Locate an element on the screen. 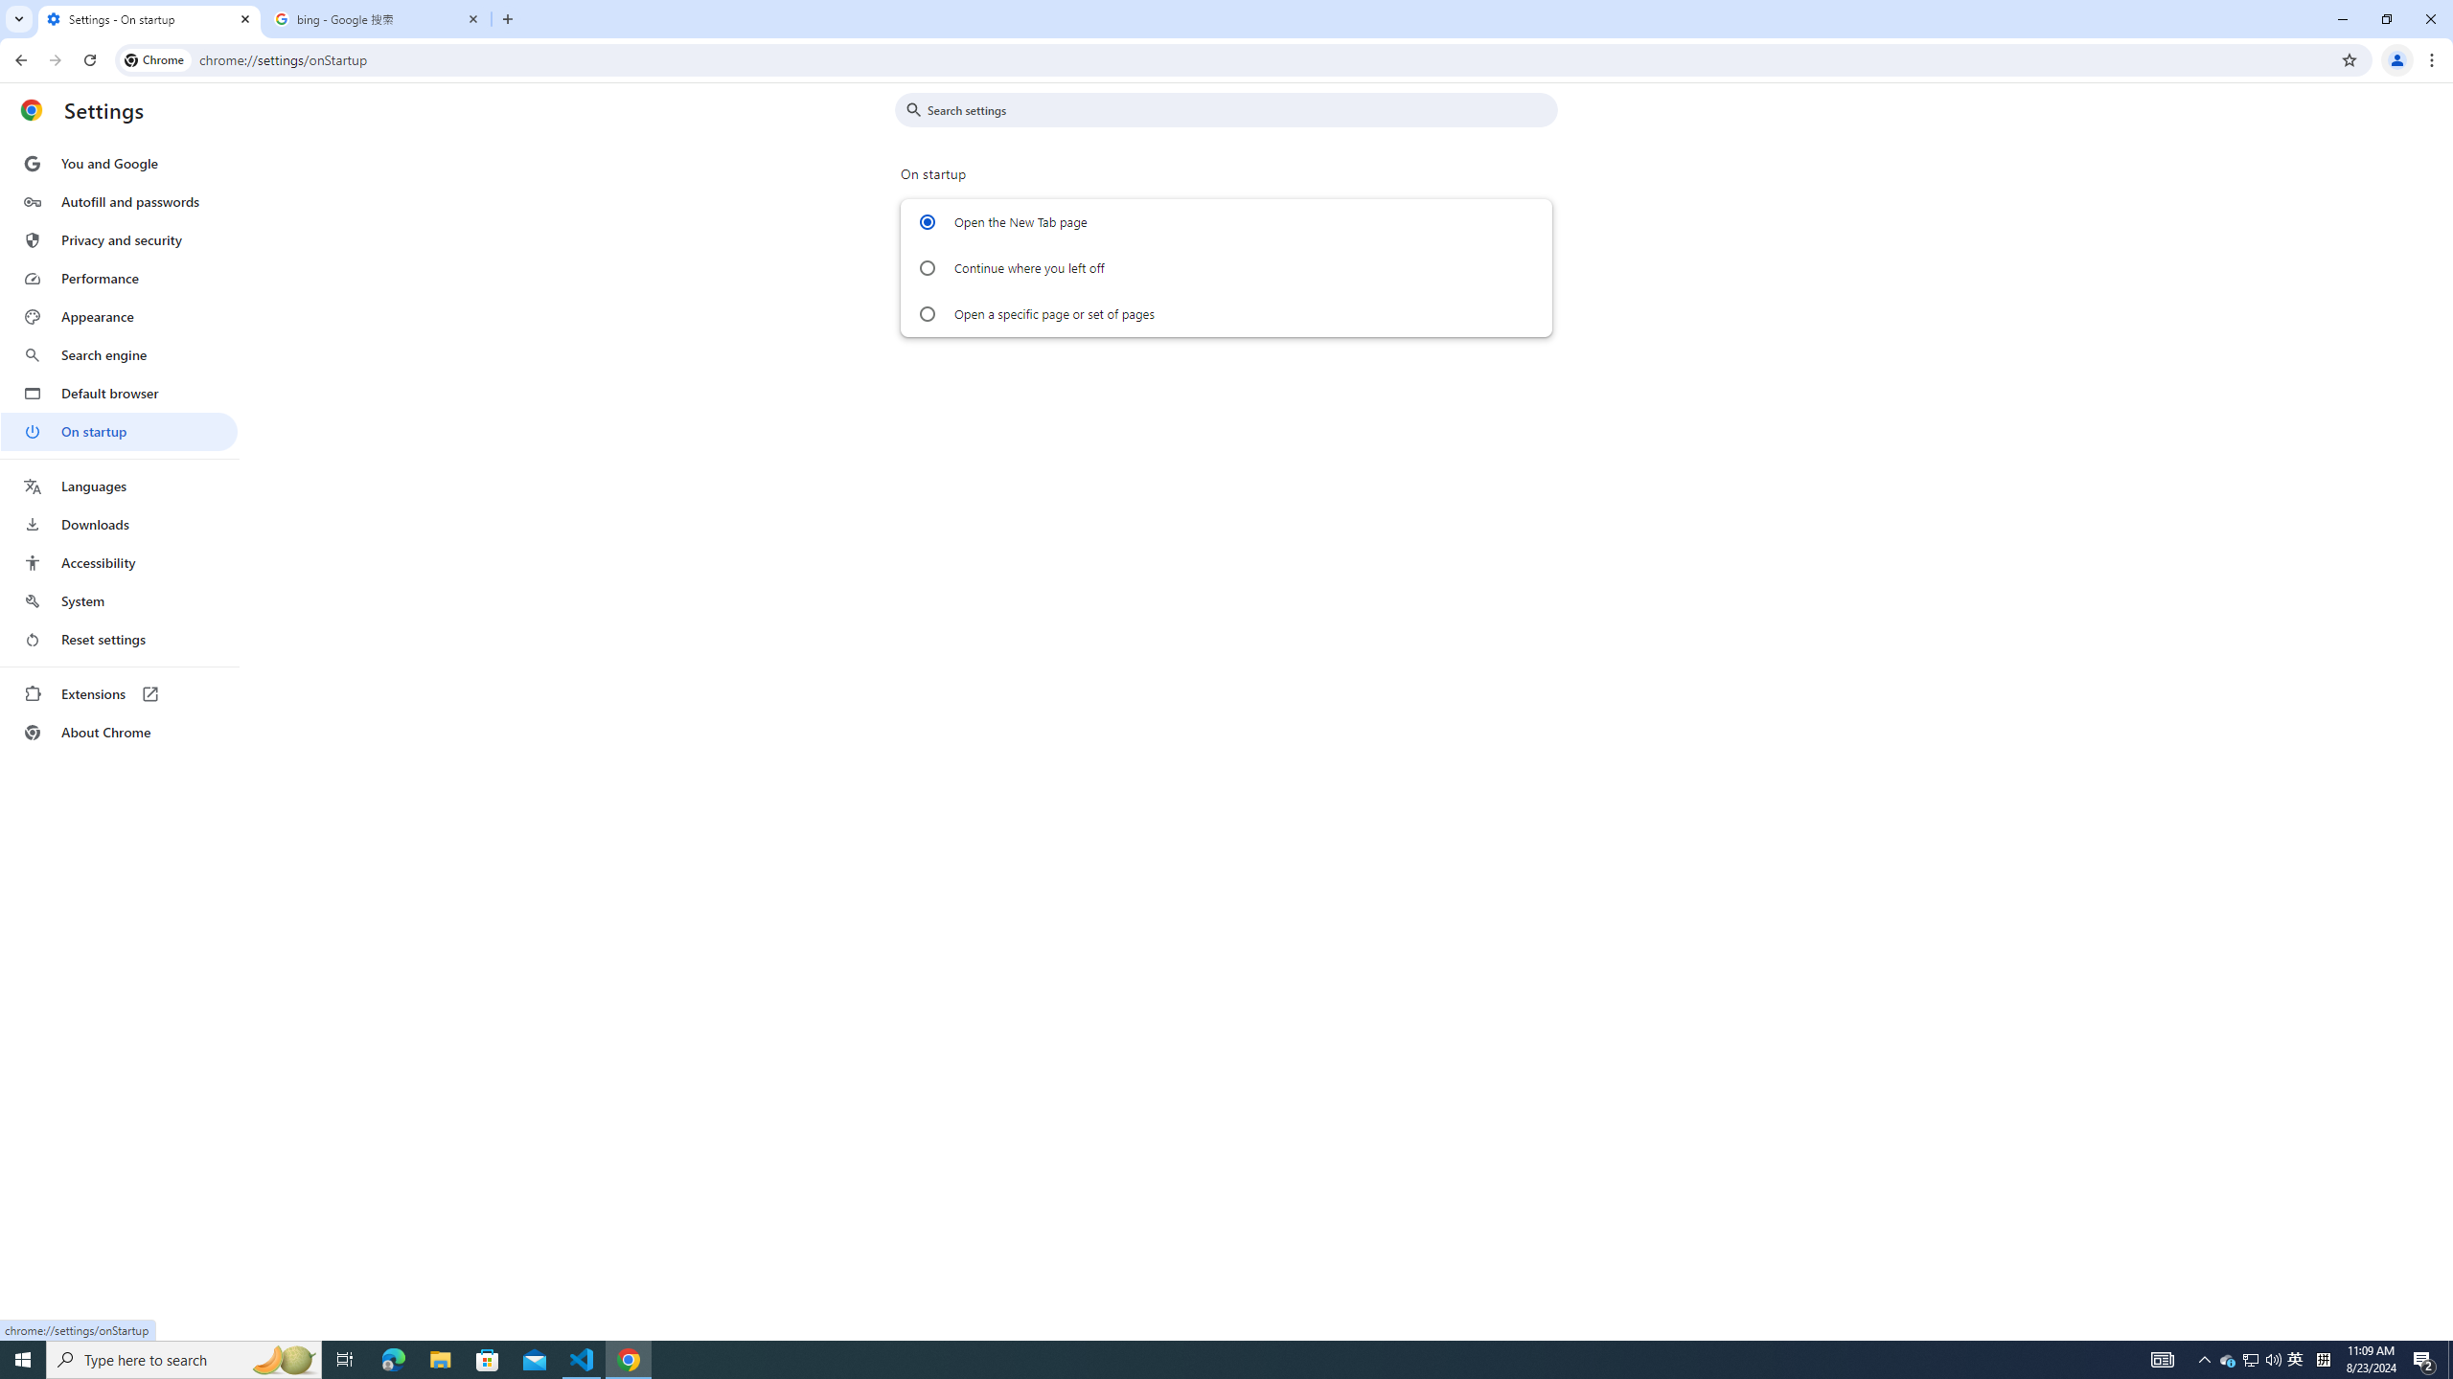 The width and height of the screenshot is (2453, 1379). 'Settings - On startup' is located at coordinates (149, 18).